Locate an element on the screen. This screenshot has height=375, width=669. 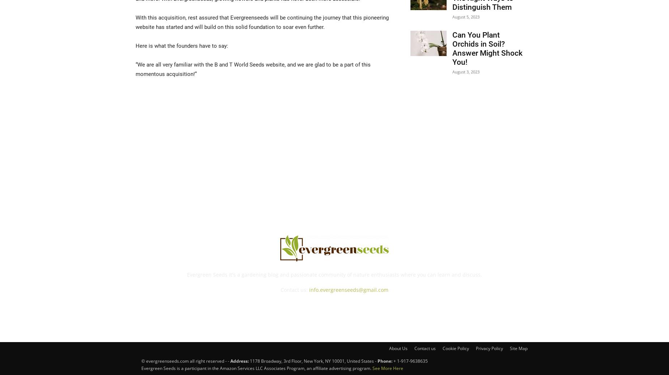
'Address:' is located at coordinates (240, 361).